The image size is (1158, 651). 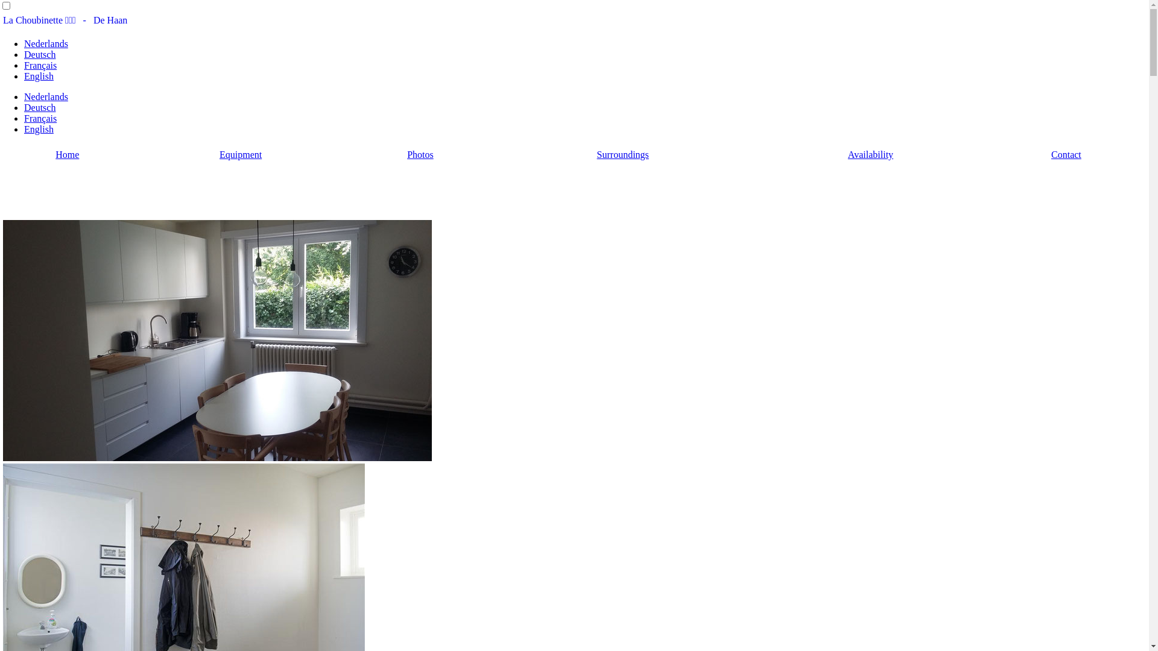 What do you see at coordinates (220, 154) in the screenshot?
I see `'Equipment'` at bounding box center [220, 154].